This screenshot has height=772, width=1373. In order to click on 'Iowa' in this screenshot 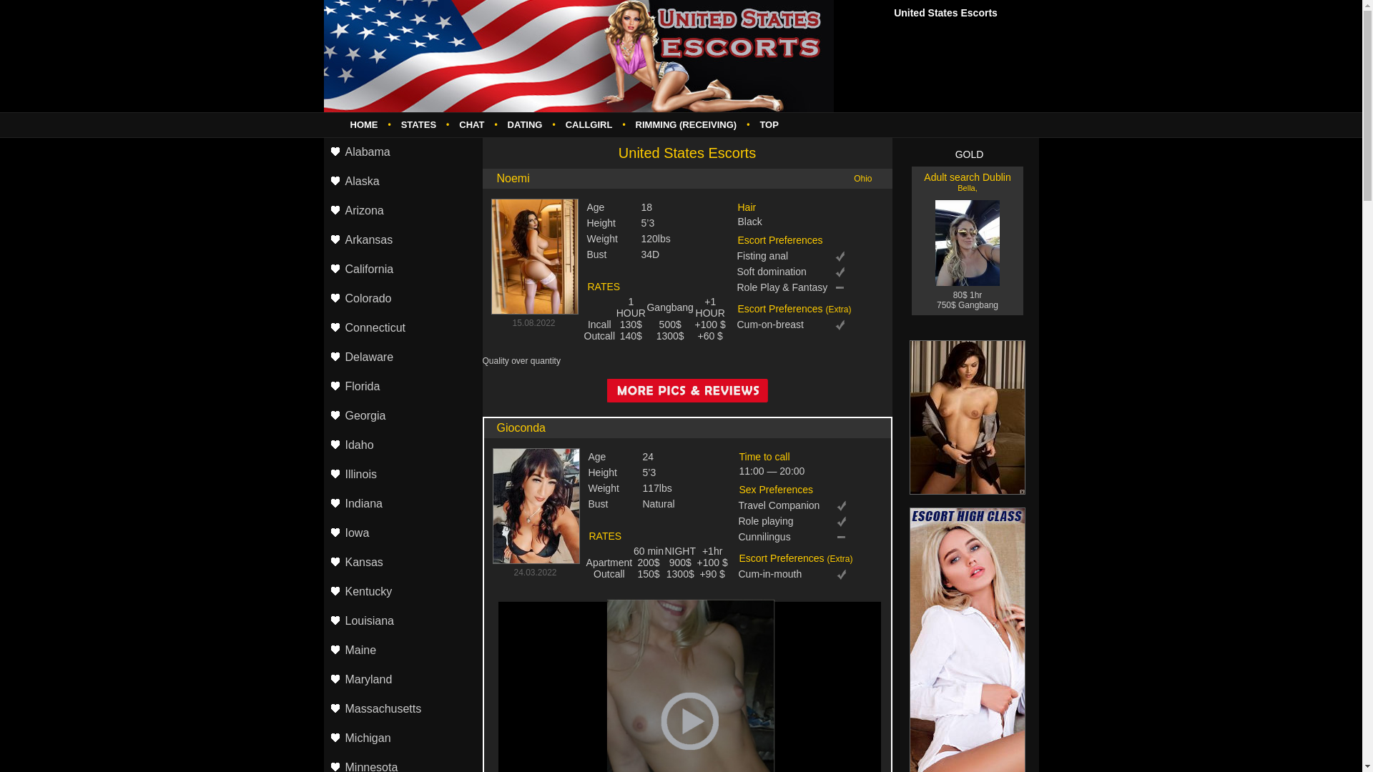, I will do `click(322, 533)`.